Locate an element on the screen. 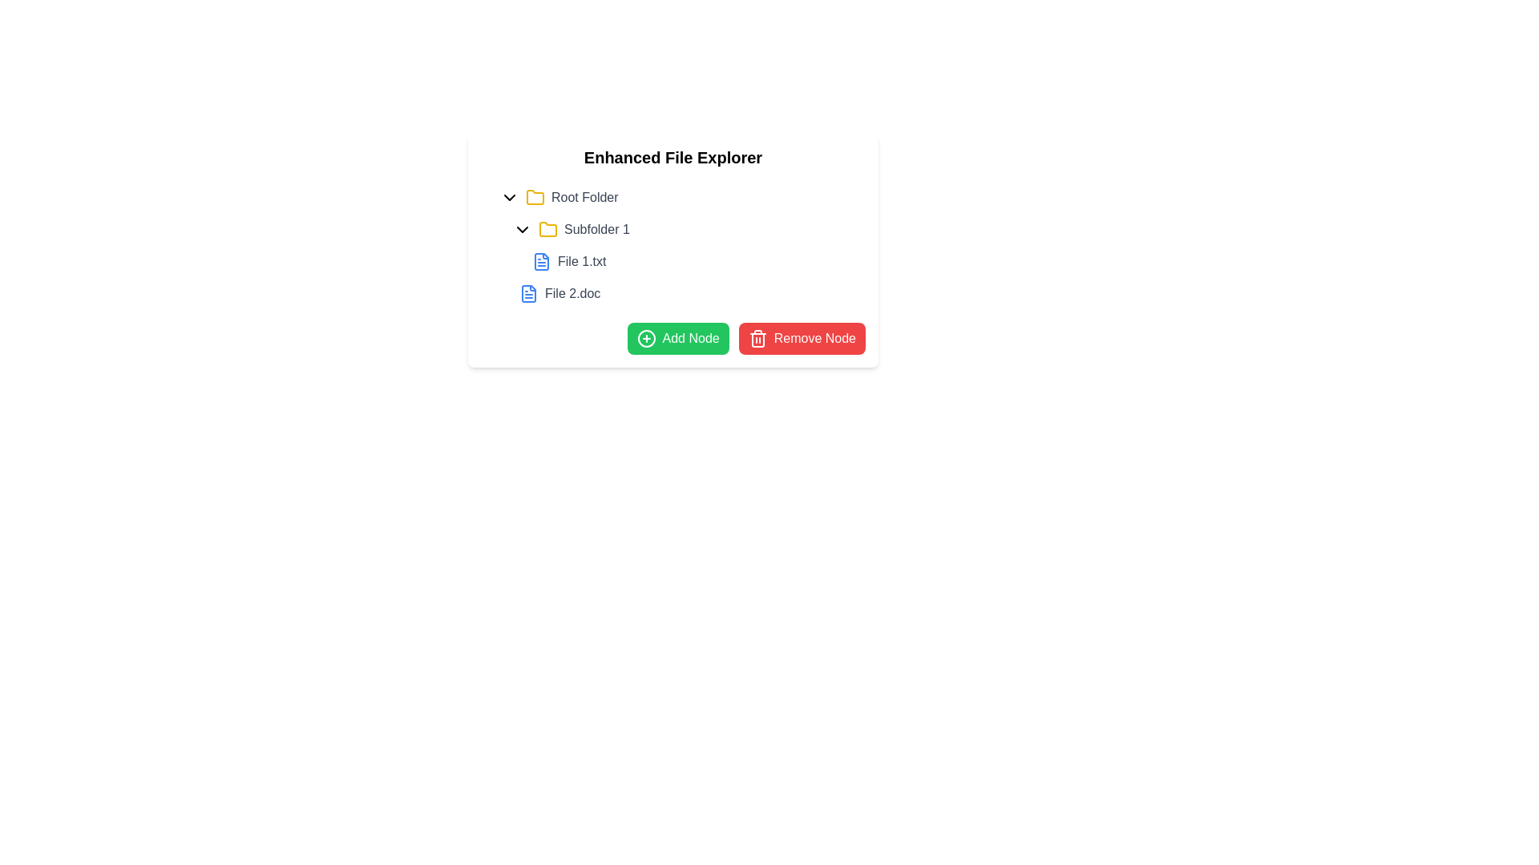  the Text Label displaying 'Subfolder 1', which is located to the right of the yellow folder icon in the file explorer interface is located at coordinates (596, 229).